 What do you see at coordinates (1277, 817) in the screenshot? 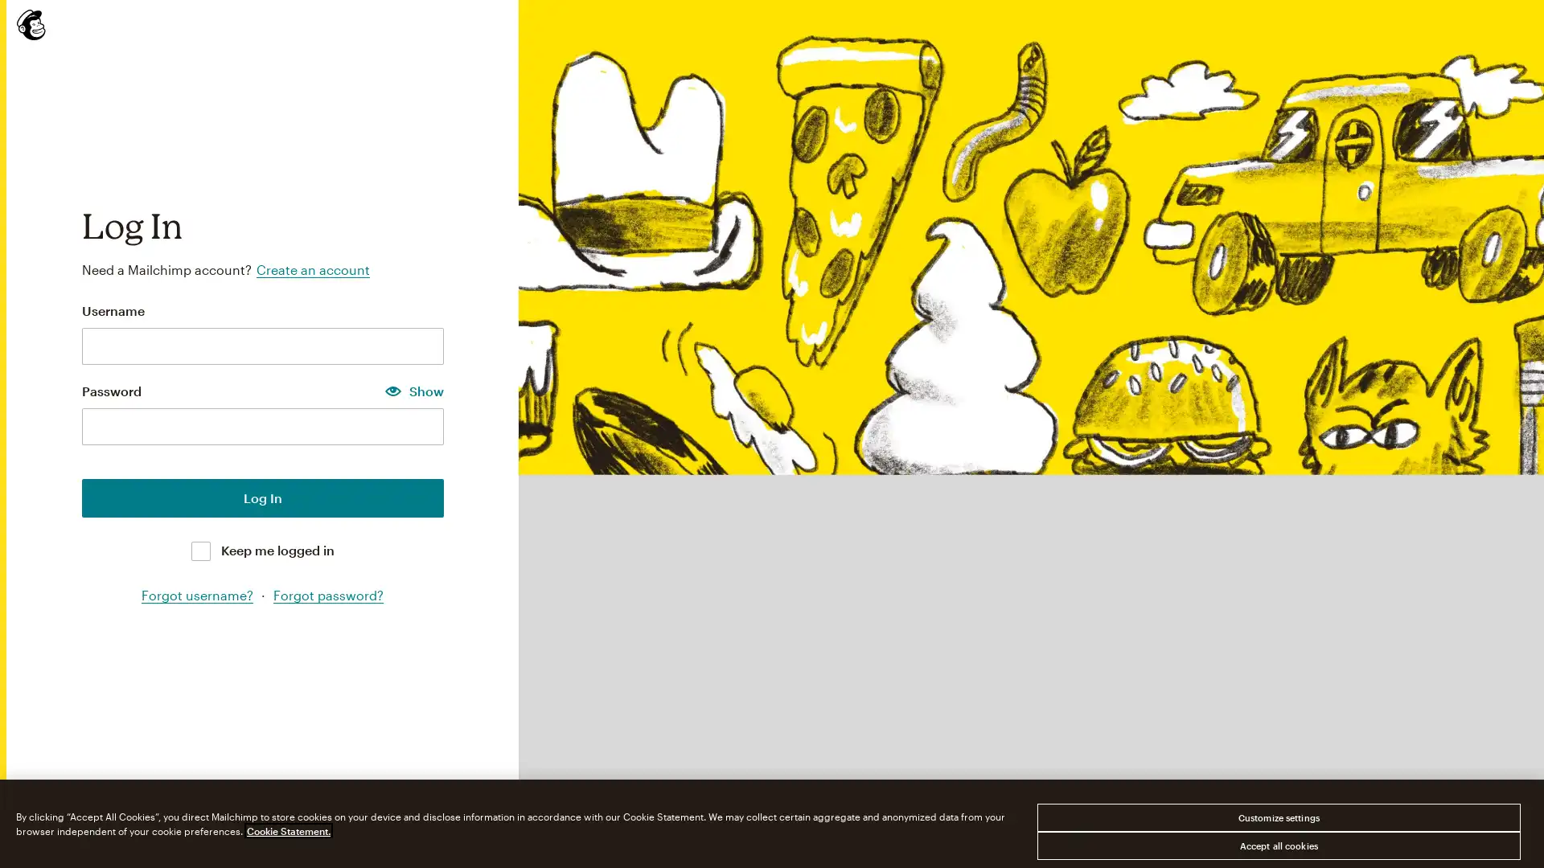
I see `Customize settings` at bounding box center [1277, 817].